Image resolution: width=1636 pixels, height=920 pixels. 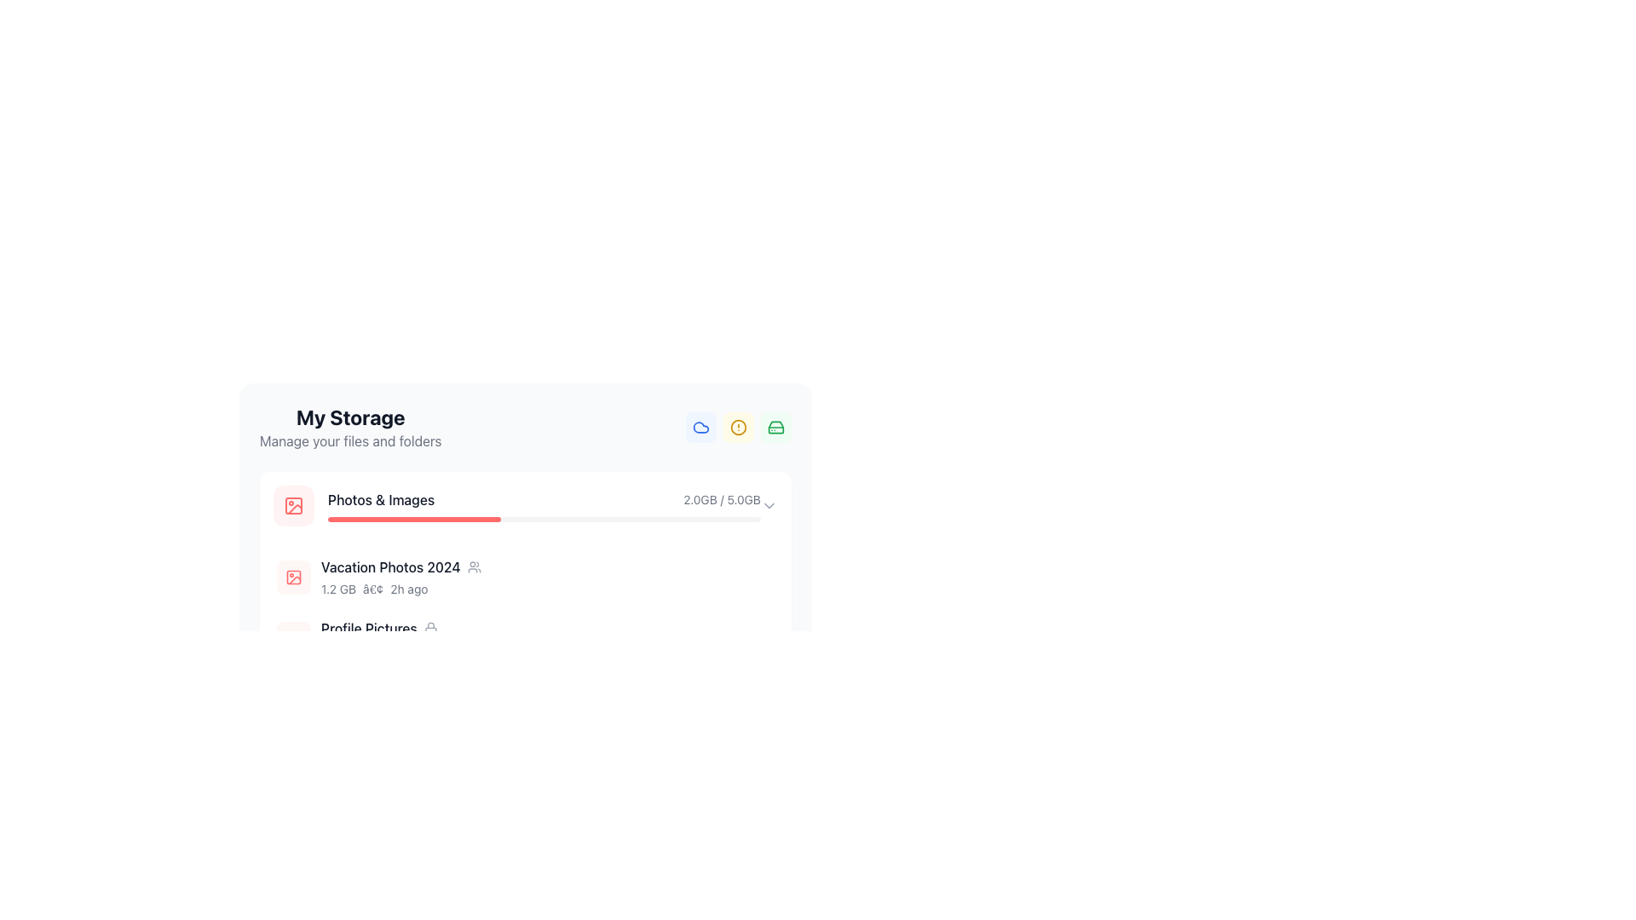 I want to click on the cloud-related Icon button, which is the first in a sequence of three icons at the top-right of the interface, distinguished by its blue background, so click(x=700, y=426).